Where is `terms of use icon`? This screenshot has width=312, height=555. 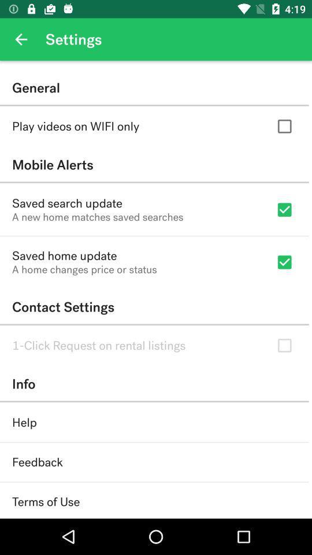
terms of use icon is located at coordinates (45, 501).